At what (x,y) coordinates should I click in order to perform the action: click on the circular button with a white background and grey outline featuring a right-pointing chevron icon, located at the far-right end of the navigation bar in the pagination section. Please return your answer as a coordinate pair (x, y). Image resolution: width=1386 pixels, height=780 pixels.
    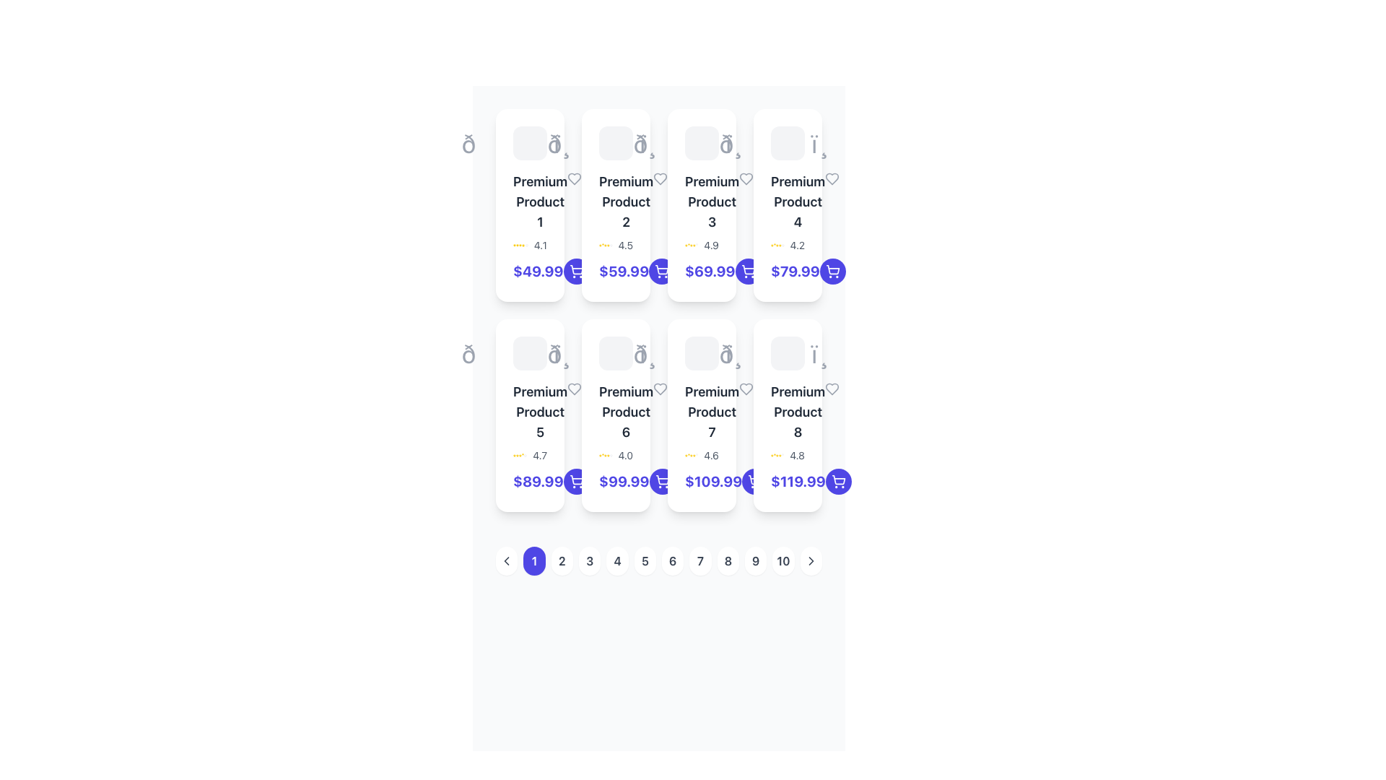
    Looking at the image, I should click on (811, 560).